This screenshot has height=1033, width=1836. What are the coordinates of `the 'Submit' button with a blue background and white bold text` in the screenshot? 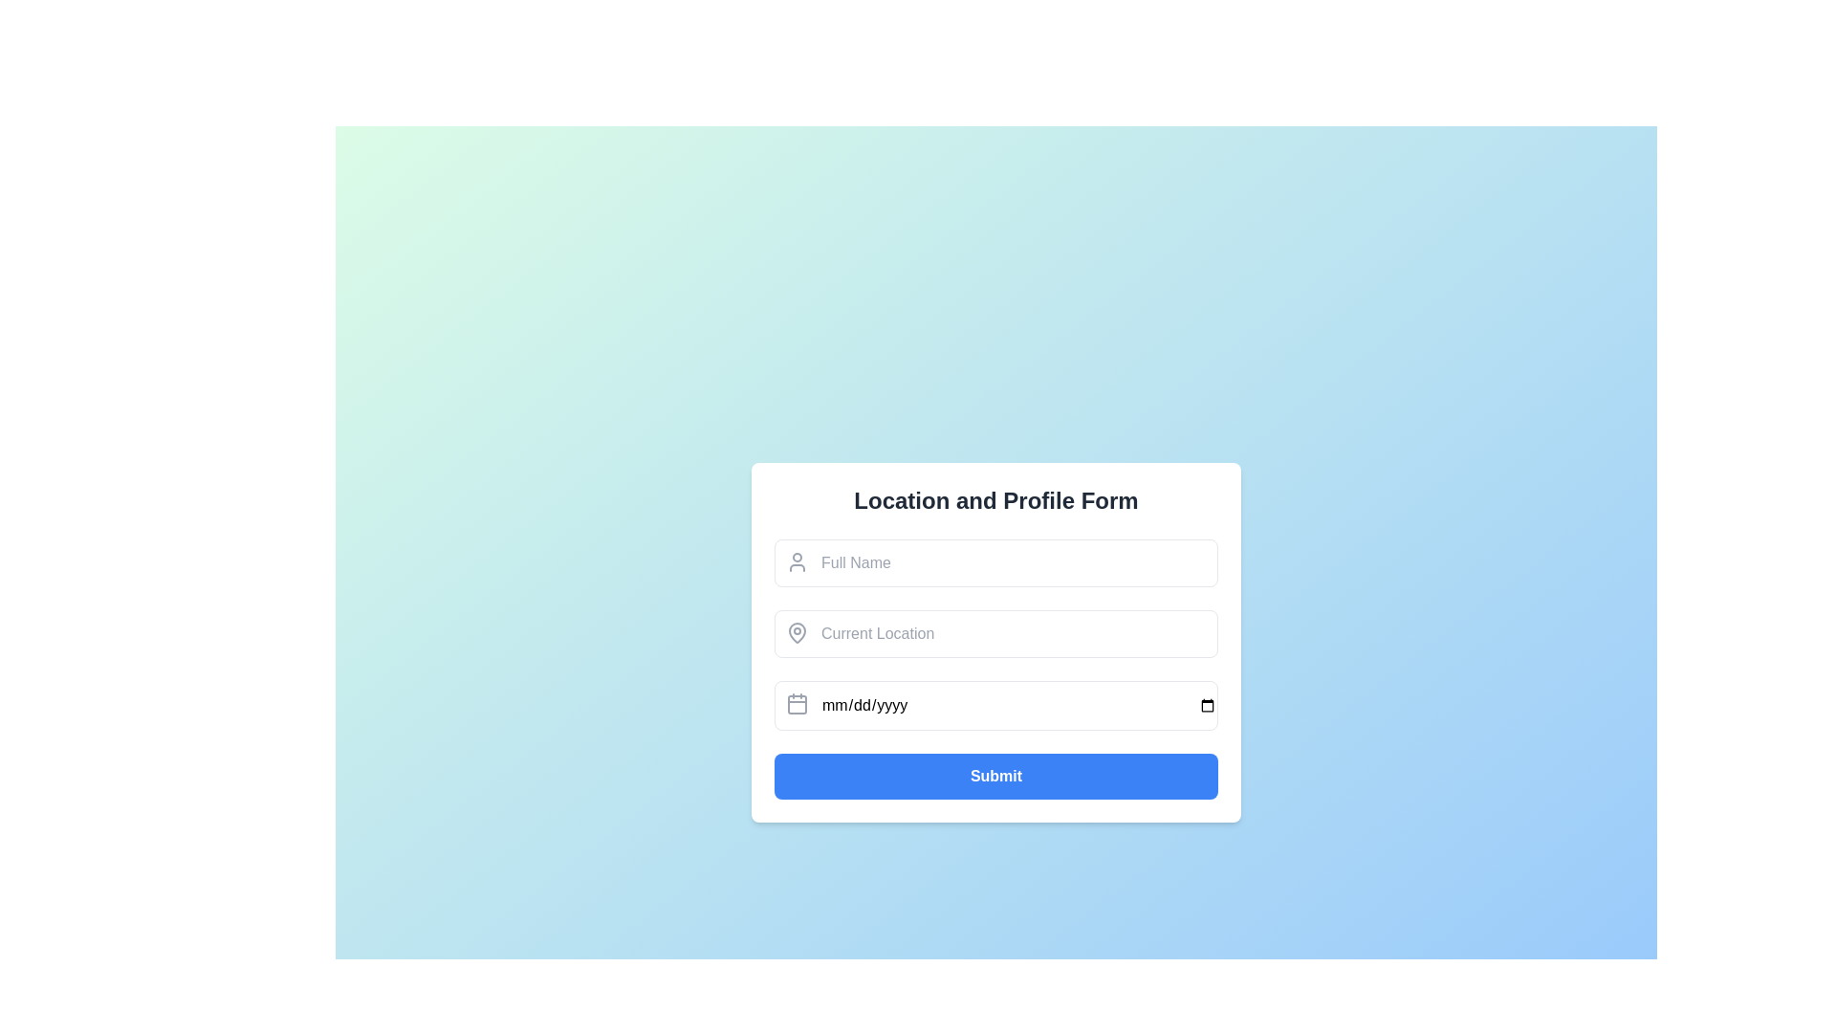 It's located at (994, 777).